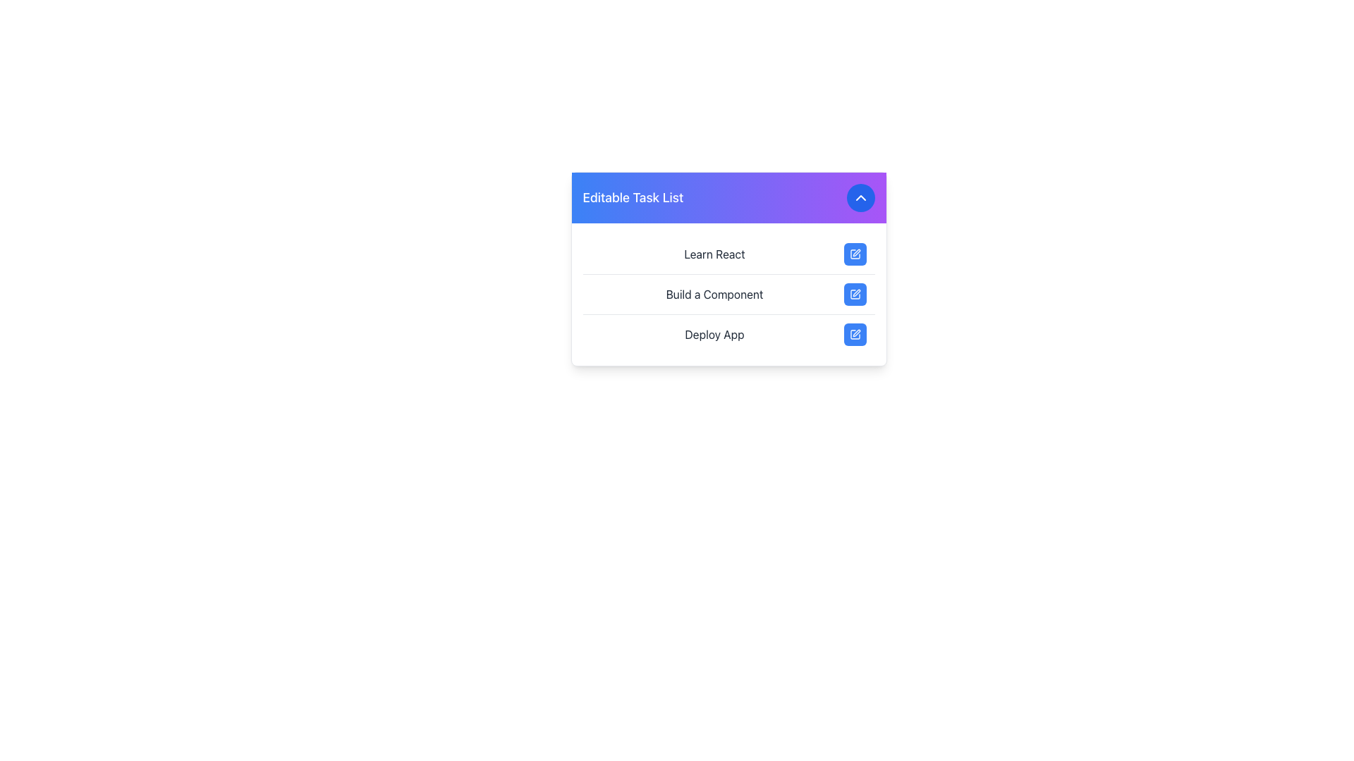 The image size is (1354, 761). What do you see at coordinates (632, 198) in the screenshot?
I see `the static text label displaying 'Editable Task List' in bold white font on a gradient background at the top left of the task list header` at bounding box center [632, 198].